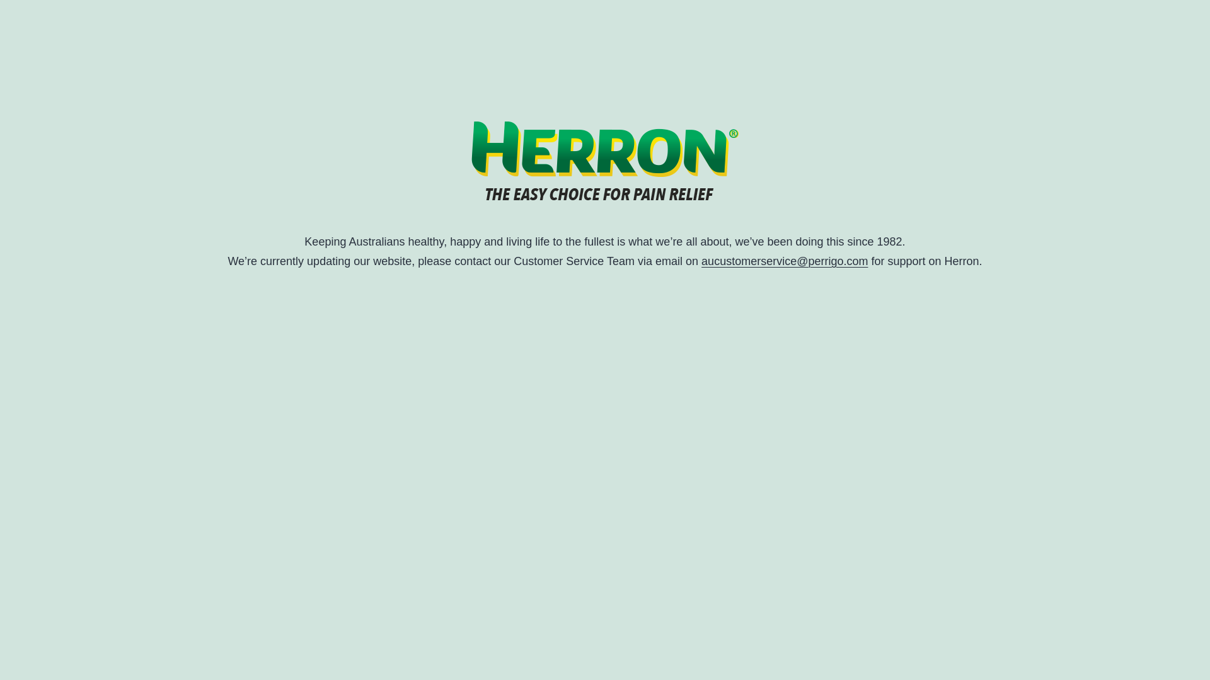 This screenshot has height=680, width=1210. I want to click on 'aucustomerservice@perrigo.com', so click(701, 261).